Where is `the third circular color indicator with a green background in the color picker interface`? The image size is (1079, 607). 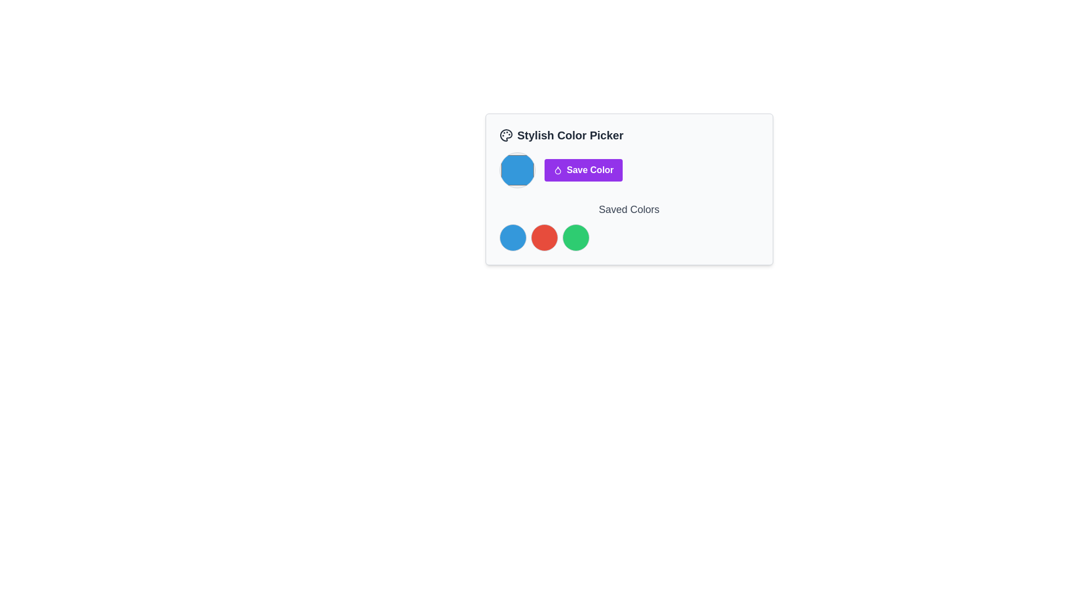 the third circular color indicator with a green background in the color picker interface is located at coordinates (575, 237).